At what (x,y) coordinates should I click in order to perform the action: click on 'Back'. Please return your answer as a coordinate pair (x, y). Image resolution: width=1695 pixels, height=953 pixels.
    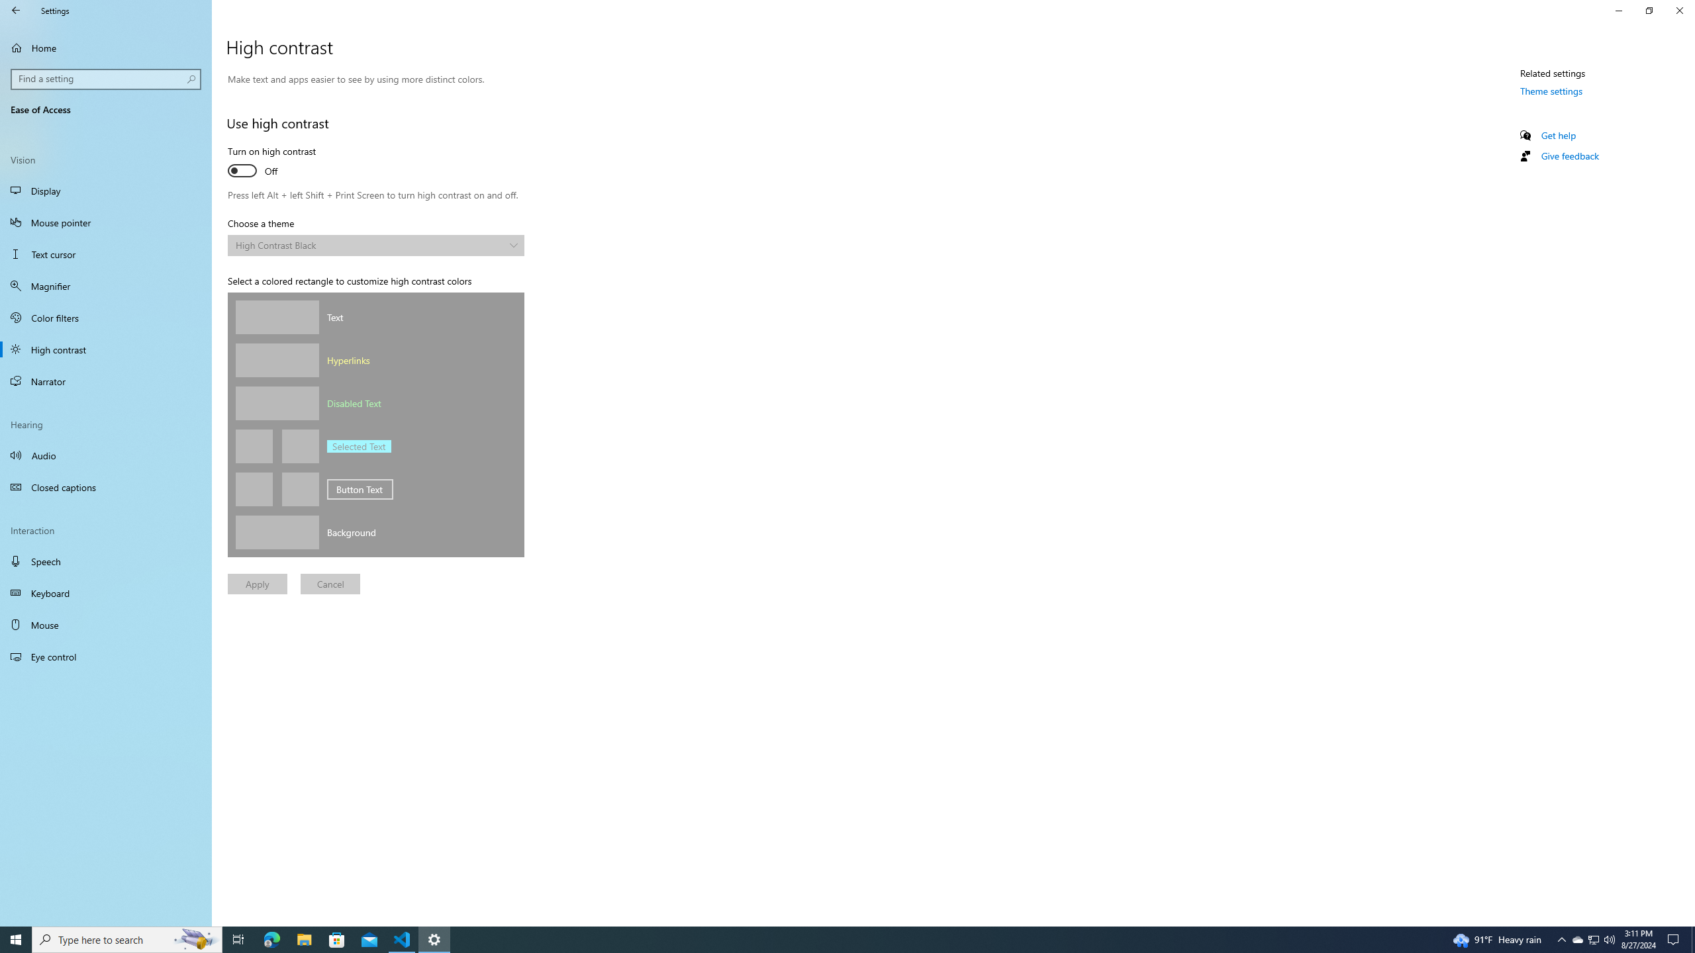
    Looking at the image, I should click on (16, 10).